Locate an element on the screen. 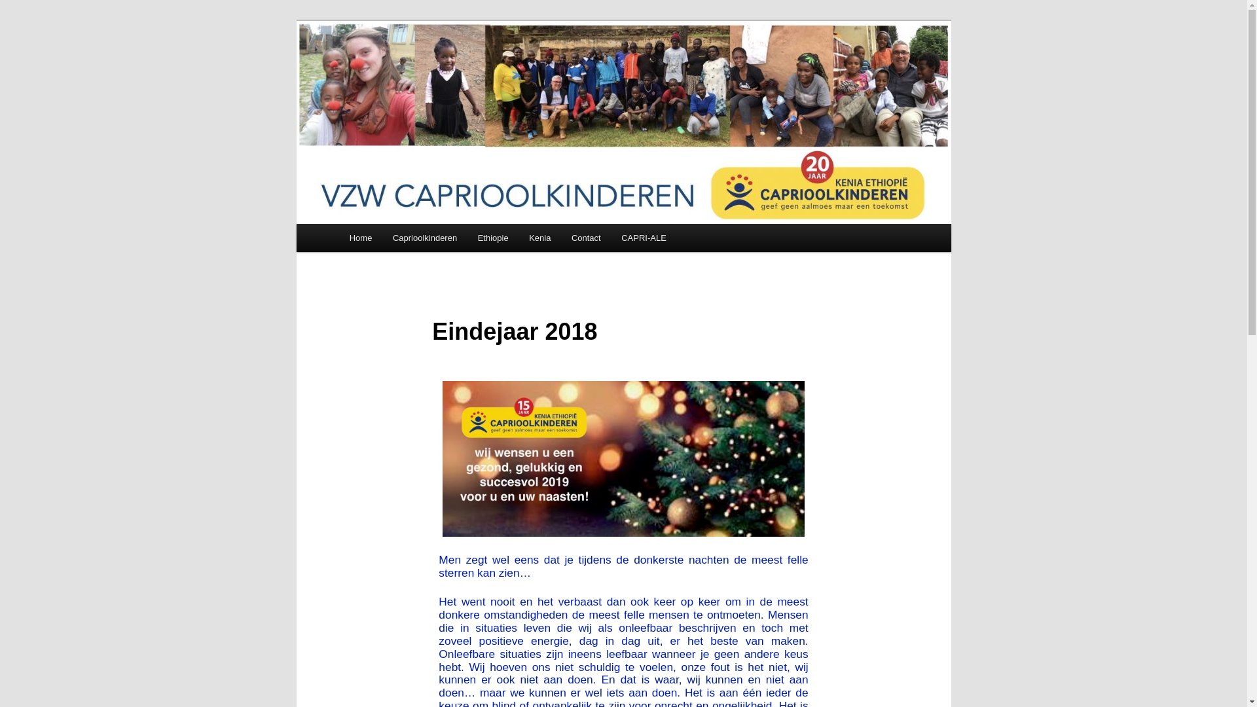 The height and width of the screenshot is (707, 1257). 'VZW Caprioolkinderen' is located at coordinates (451, 68).